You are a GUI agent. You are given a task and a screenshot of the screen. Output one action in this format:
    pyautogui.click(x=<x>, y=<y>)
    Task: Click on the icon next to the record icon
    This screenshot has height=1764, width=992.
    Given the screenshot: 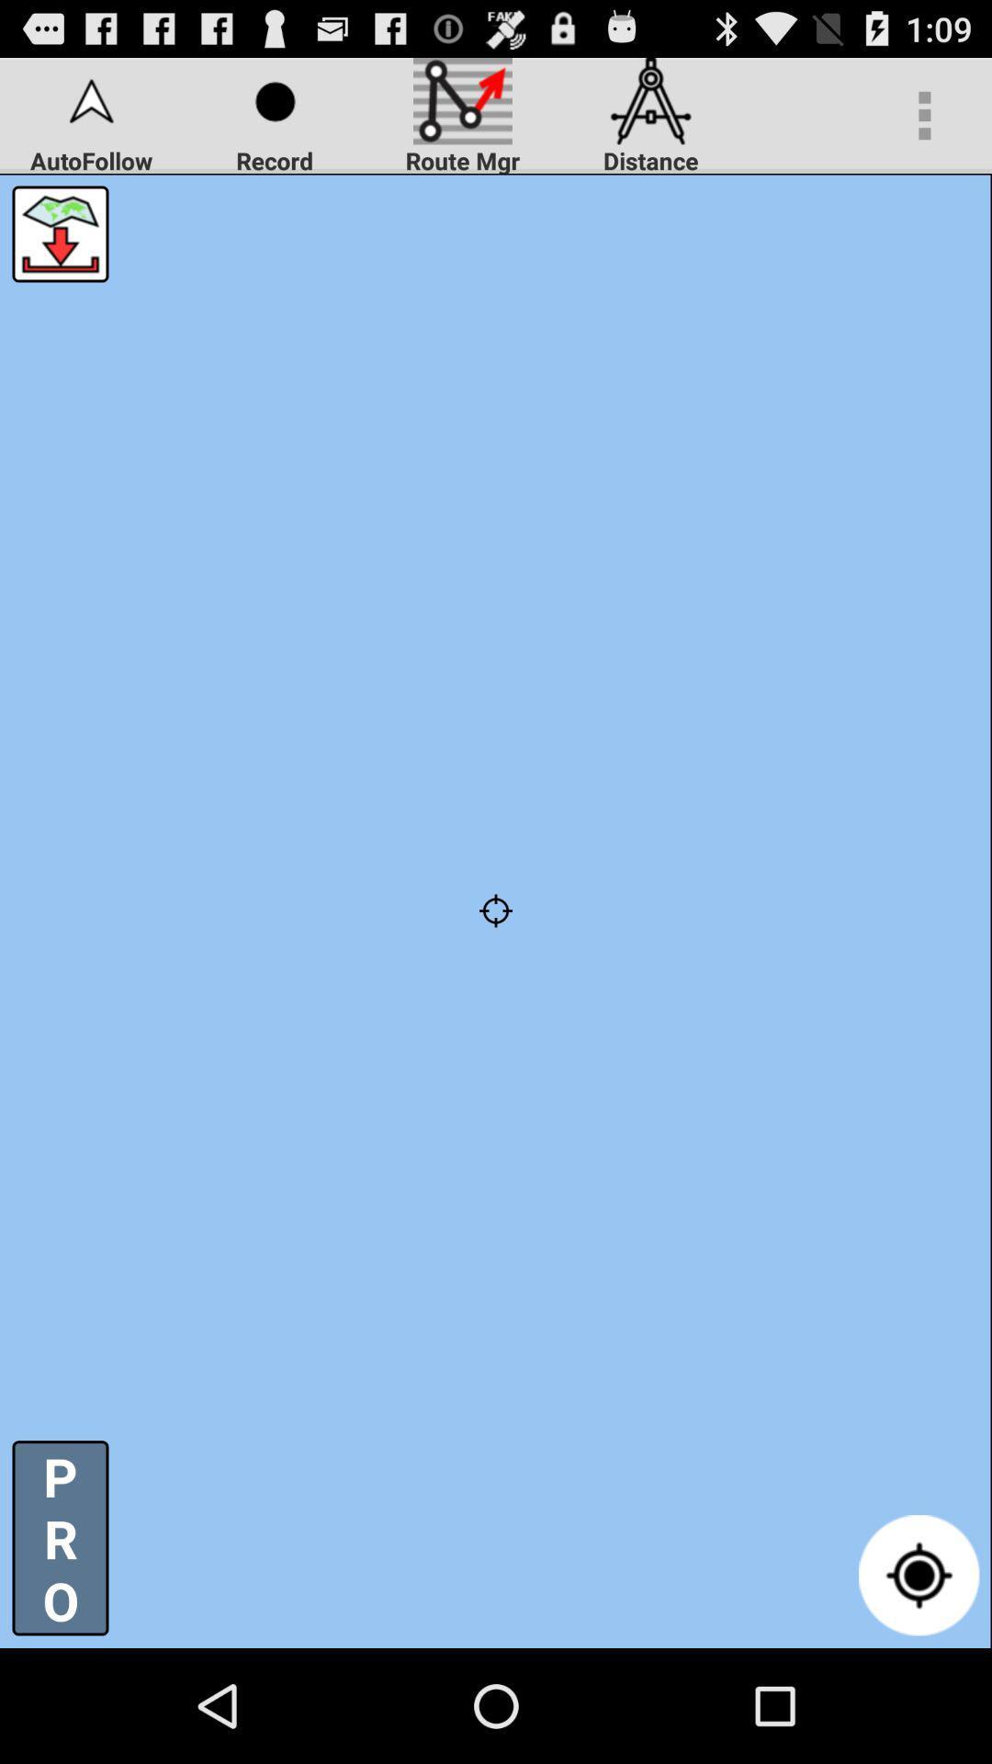 What is the action you would take?
    pyautogui.click(x=59, y=232)
    